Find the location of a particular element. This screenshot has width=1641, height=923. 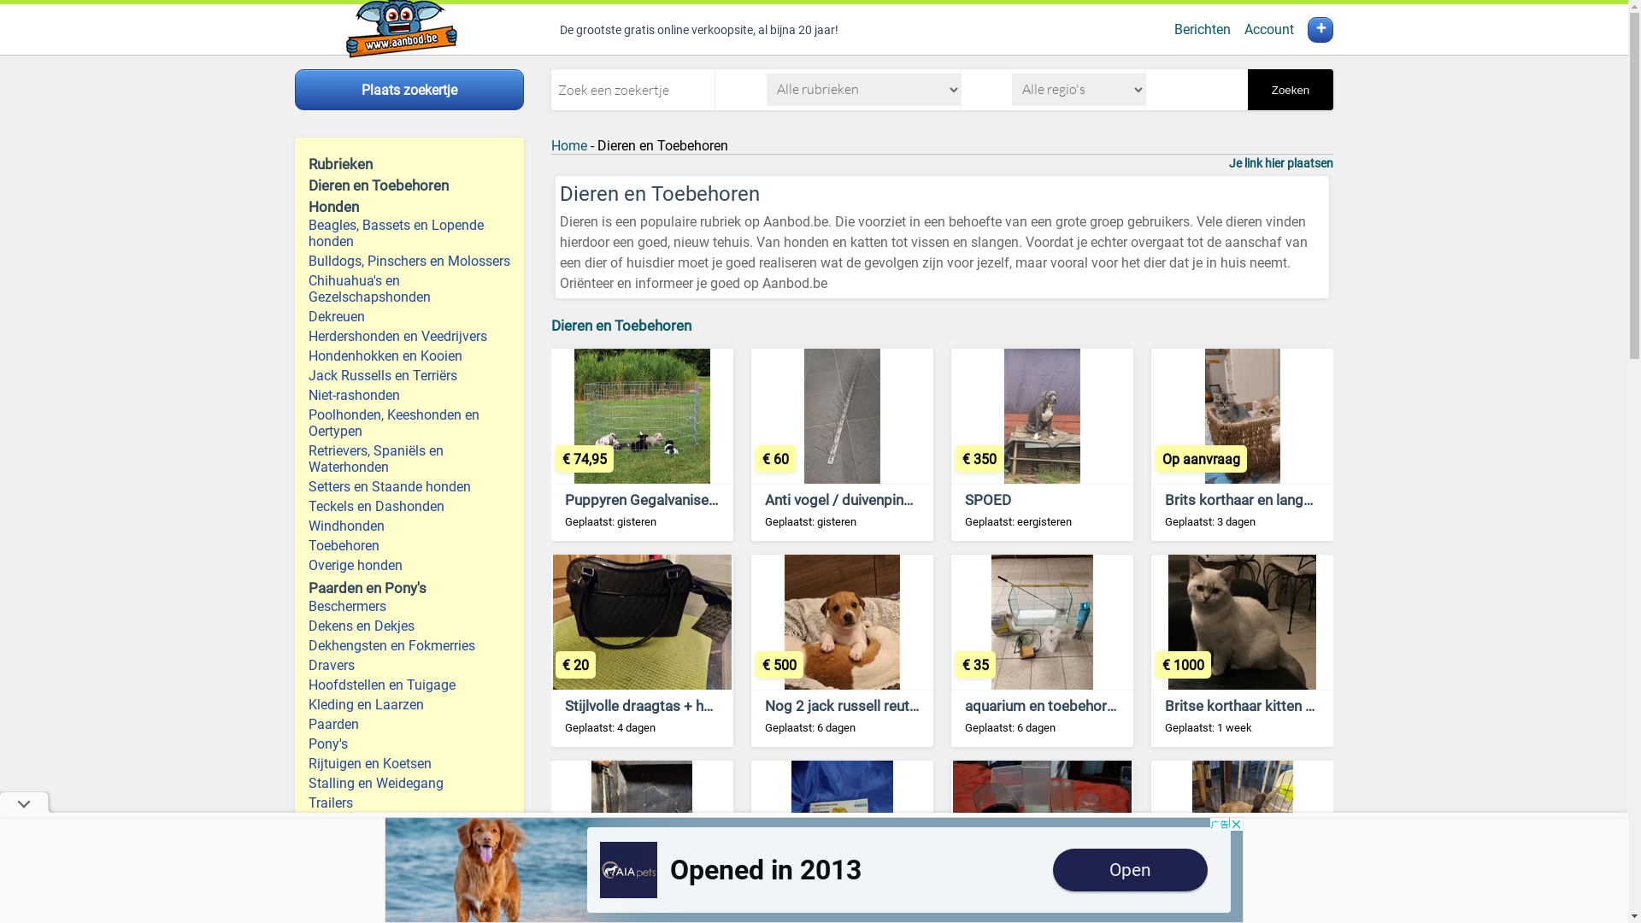

'Dekens en Dekjes' is located at coordinates (308, 626).